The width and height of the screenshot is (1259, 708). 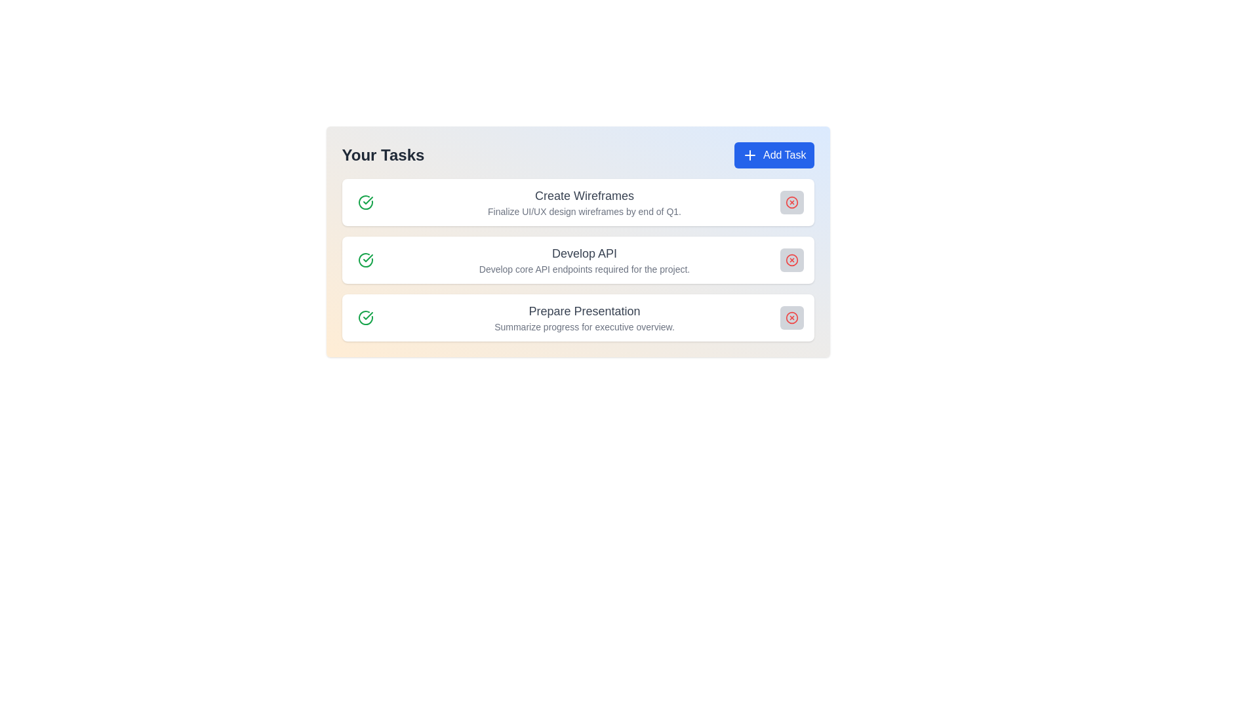 I want to click on the second delete button in the 'Your Tasks' list next to the 'Develop API' task, so click(x=791, y=260).